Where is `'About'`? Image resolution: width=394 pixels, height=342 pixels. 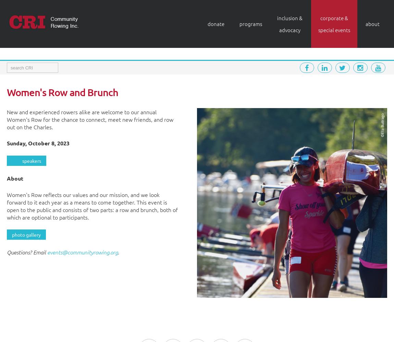
'About' is located at coordinates (15, 178).